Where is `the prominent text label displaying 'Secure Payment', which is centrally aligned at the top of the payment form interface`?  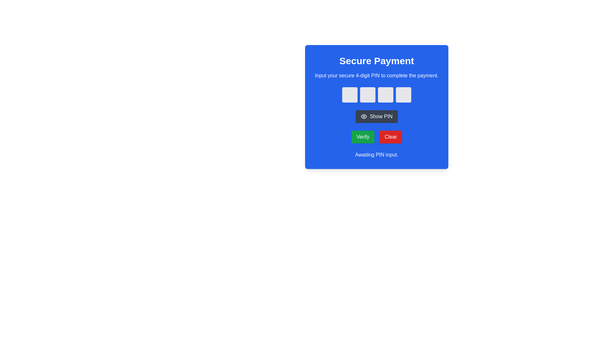 the prominent text label displaying 'Secure Payment', which is centrally aligned at the top of the payment form interface is located at coordinates (376, 61).